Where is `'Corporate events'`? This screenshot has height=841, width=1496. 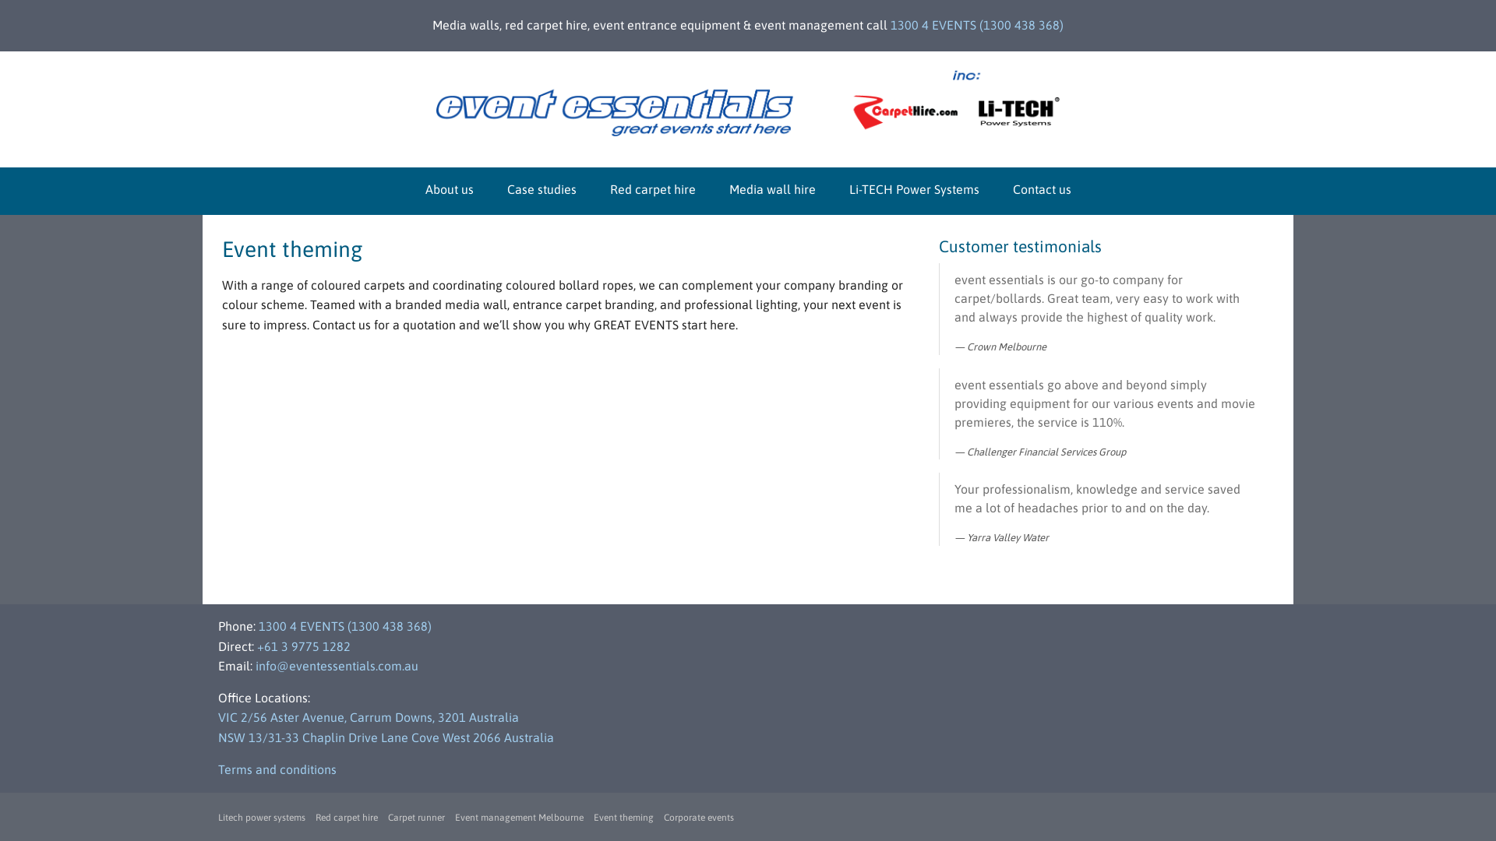
'Corporate events' is located at coordinates (698, 816).